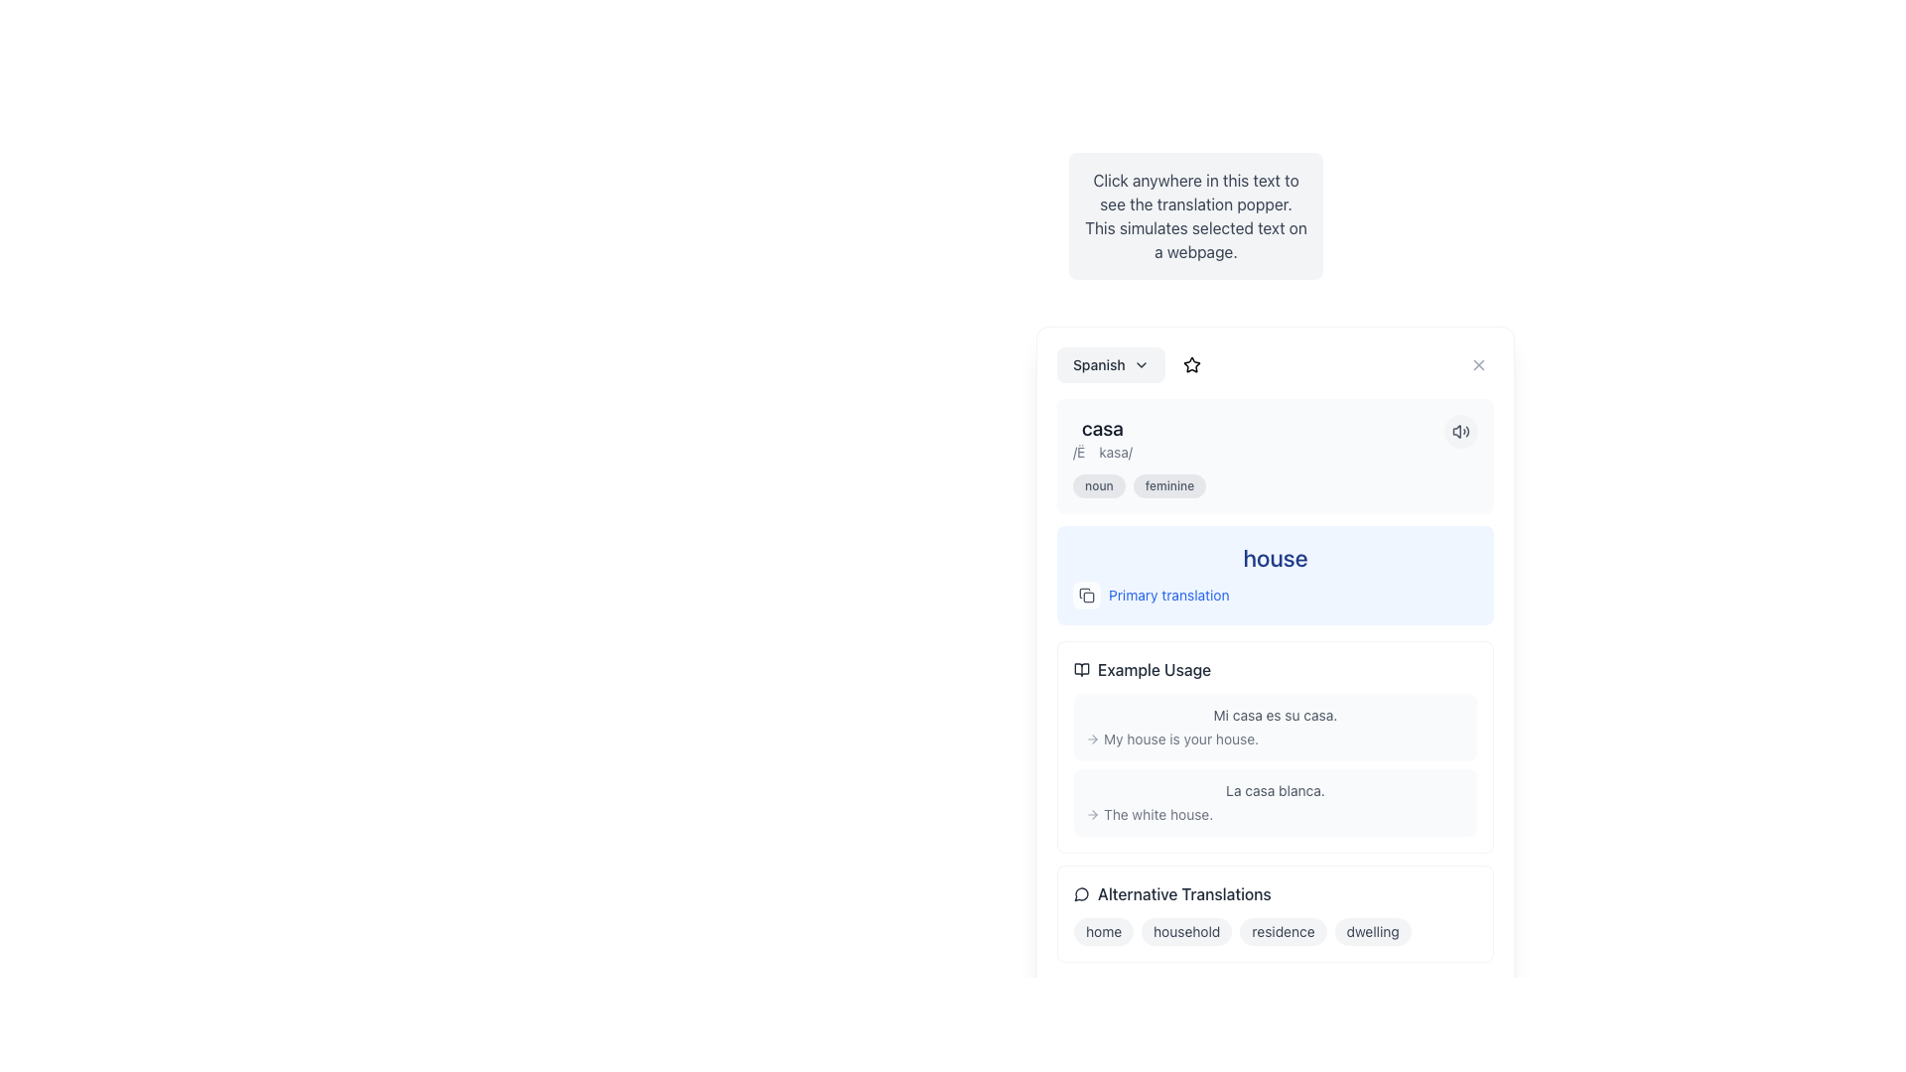 The width and height of the screenshot is (1906, 1072). What do you see at coordinates (1282, 216) in the screenshot?
I see `the Instructional text box that has a light gray background and contains centered dark gray text stating: 'Click anywhere in this text` at bounding box center [1282, 216].